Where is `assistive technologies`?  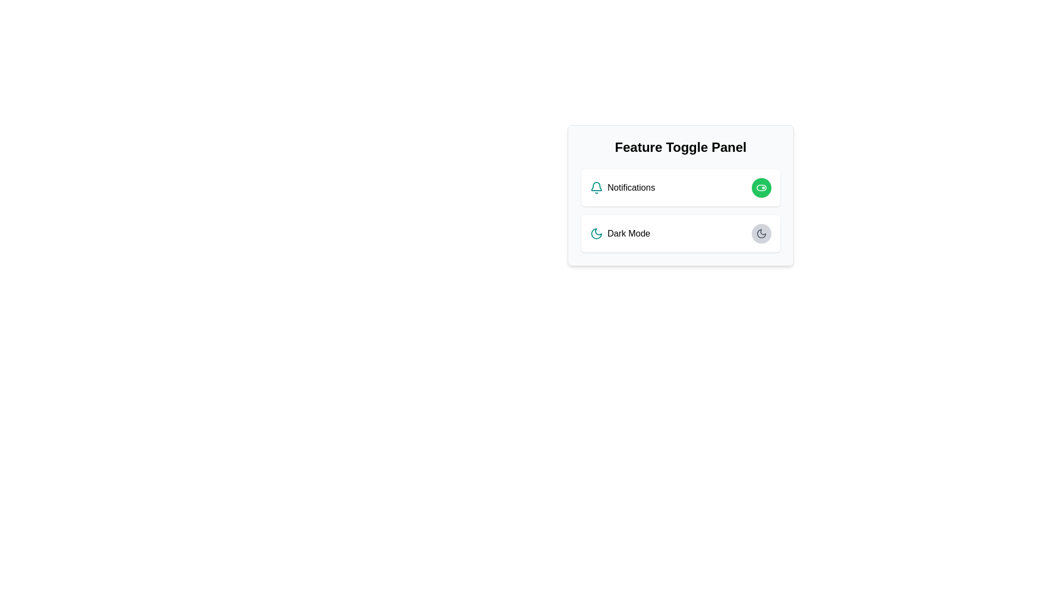
assistive technologies is located at coordinates (631, 187).